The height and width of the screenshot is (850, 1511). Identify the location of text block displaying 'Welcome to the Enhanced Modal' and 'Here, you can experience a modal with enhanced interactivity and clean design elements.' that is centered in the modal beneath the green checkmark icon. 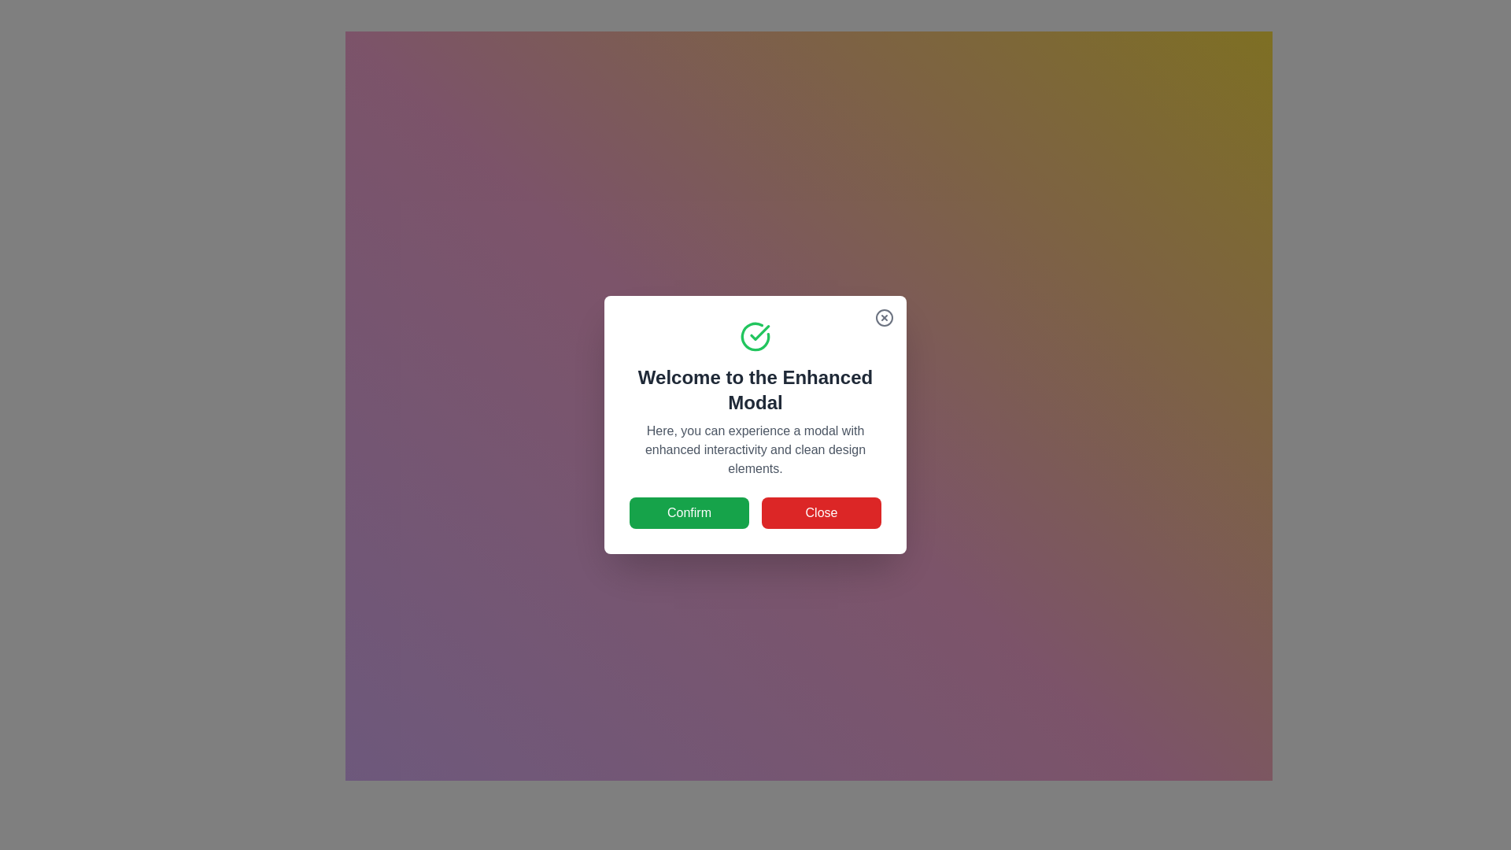
(755, 399).